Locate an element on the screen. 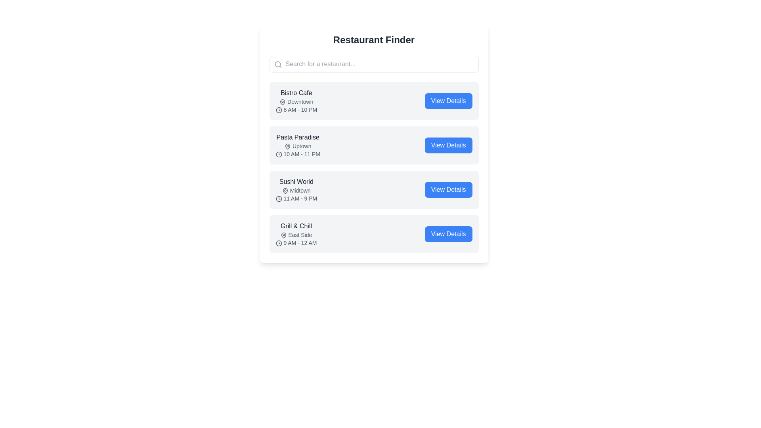  the graphical clock decoration icon associated with 'Pasta Paradise' in the second row of the restaurant list is located at coordinates (279, 155).